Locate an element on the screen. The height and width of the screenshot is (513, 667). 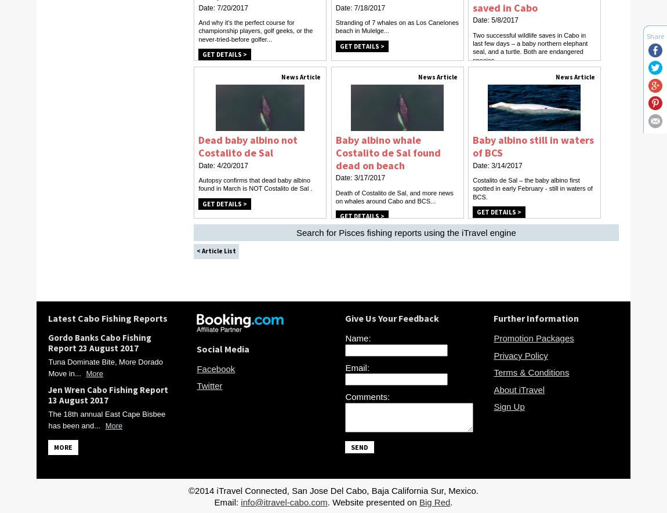
'Tuna Dominate Bite, More Dorado Move in...' is located at coordinates (48, 367).